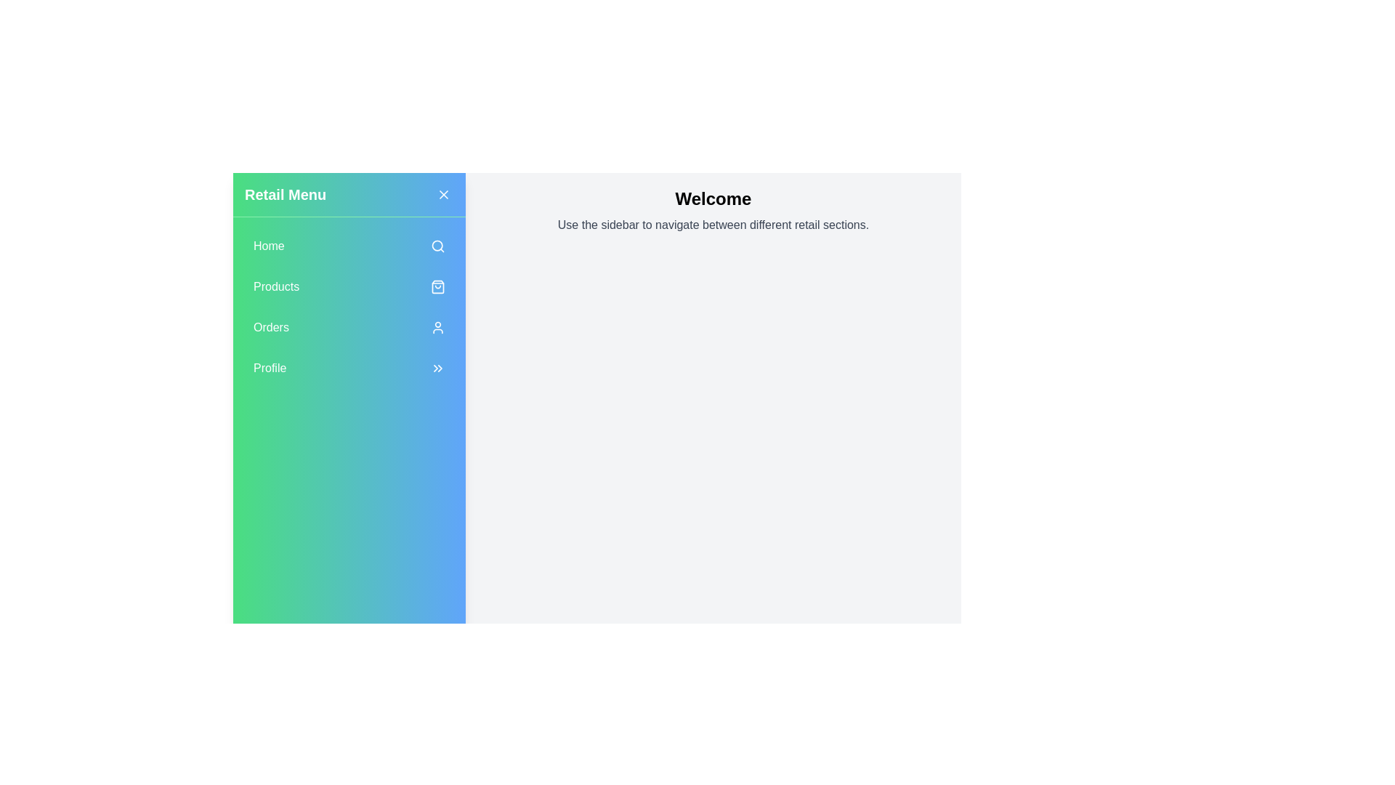  Describe the element at coordinates (349, 367) in the screenshot. I see `the fourth button in the vertical sidebar navigation menu, located below the 'Orders' button` at that location.